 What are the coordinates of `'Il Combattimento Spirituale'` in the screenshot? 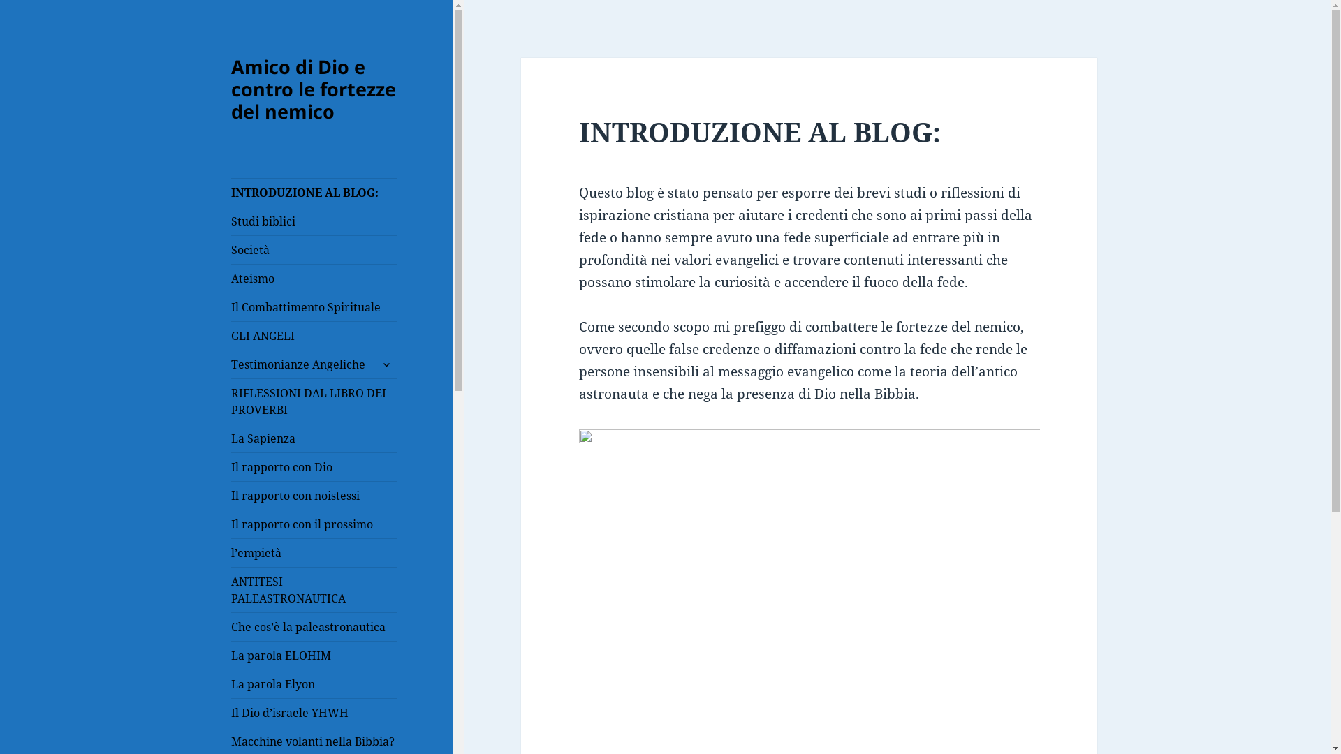 It's located at (314, 306).